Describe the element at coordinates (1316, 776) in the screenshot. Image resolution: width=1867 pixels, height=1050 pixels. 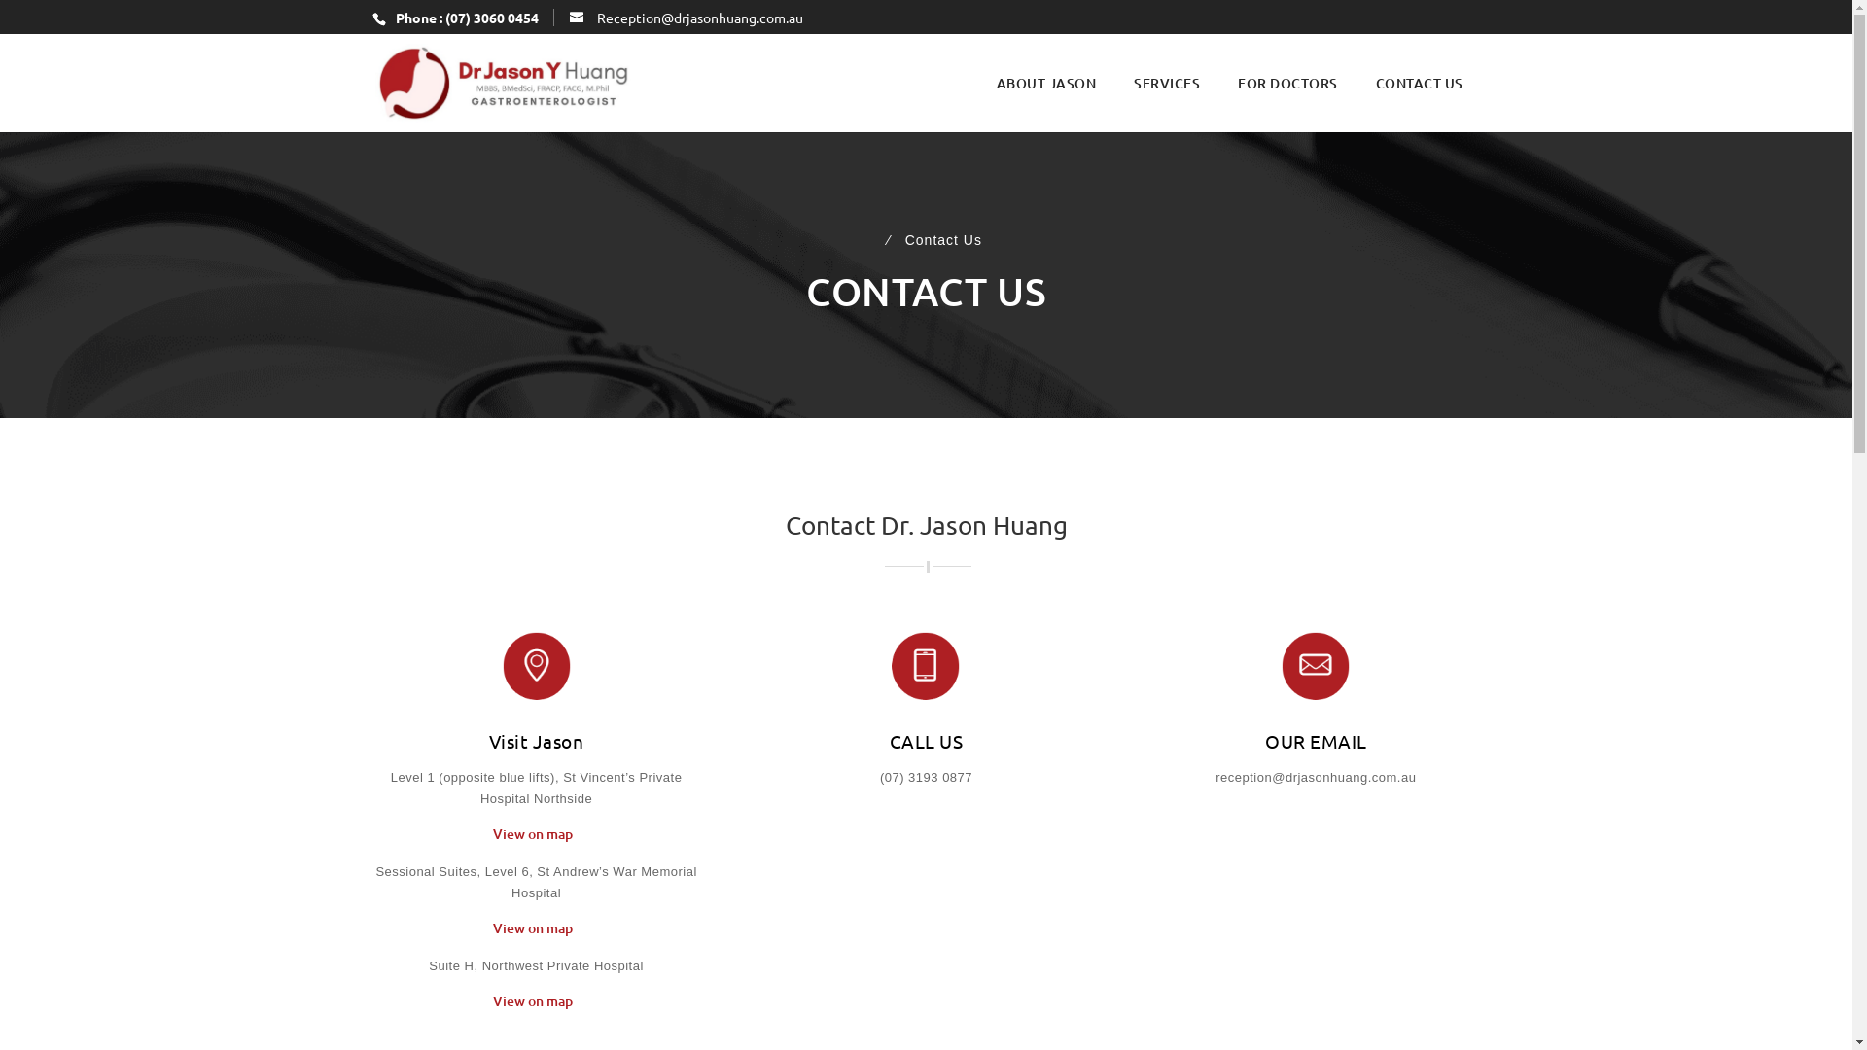
I see `'reception@drjasonhuang.com.au'` at that location.